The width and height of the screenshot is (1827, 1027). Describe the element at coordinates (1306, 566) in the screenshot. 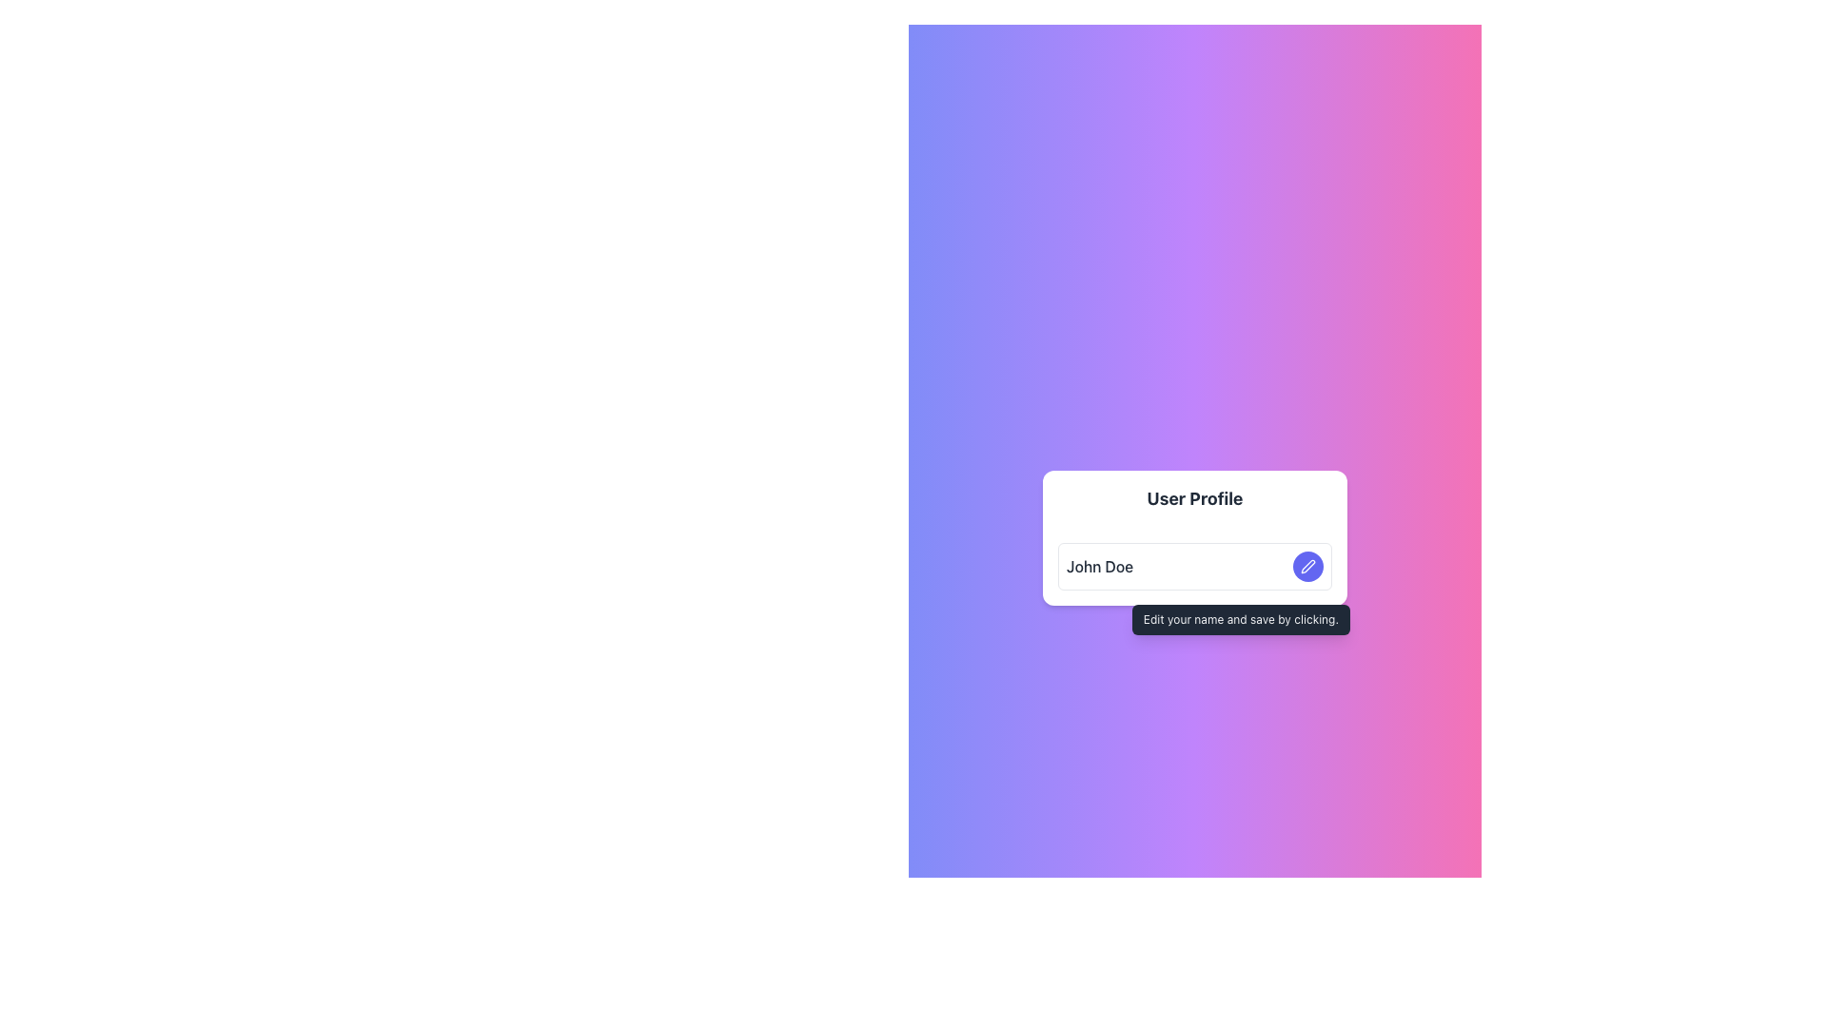

I see `the icon within the circular button located to the right of the 'John Doe' text field` at that location.